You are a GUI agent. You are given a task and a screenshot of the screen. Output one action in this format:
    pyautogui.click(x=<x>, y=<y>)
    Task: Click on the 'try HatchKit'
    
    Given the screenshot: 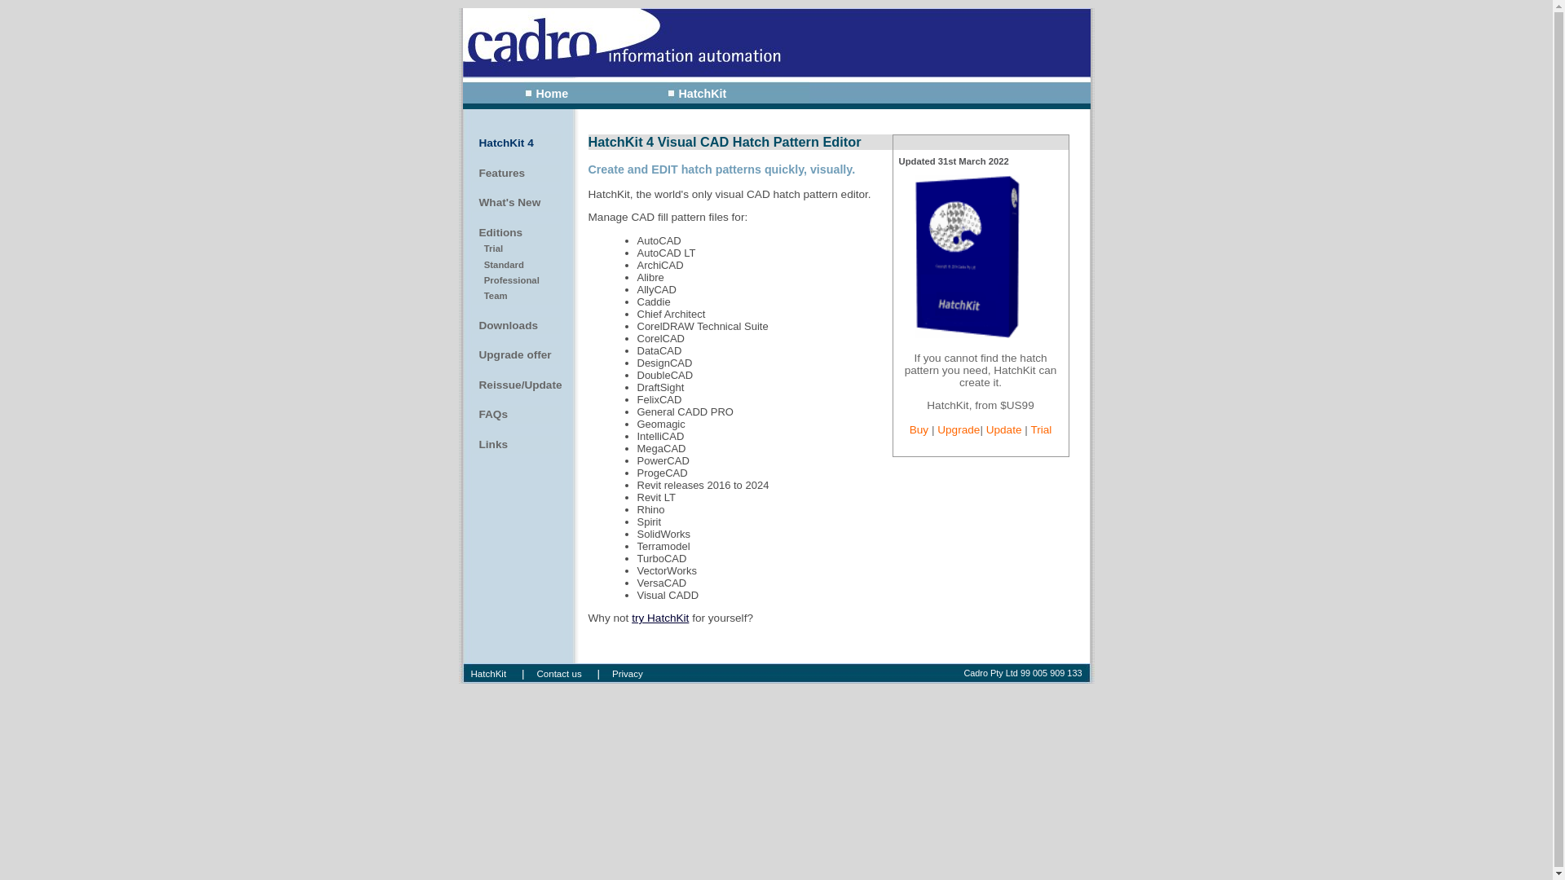 What is the action you would take?
    pyautogui.click(x=660, y=618)
    